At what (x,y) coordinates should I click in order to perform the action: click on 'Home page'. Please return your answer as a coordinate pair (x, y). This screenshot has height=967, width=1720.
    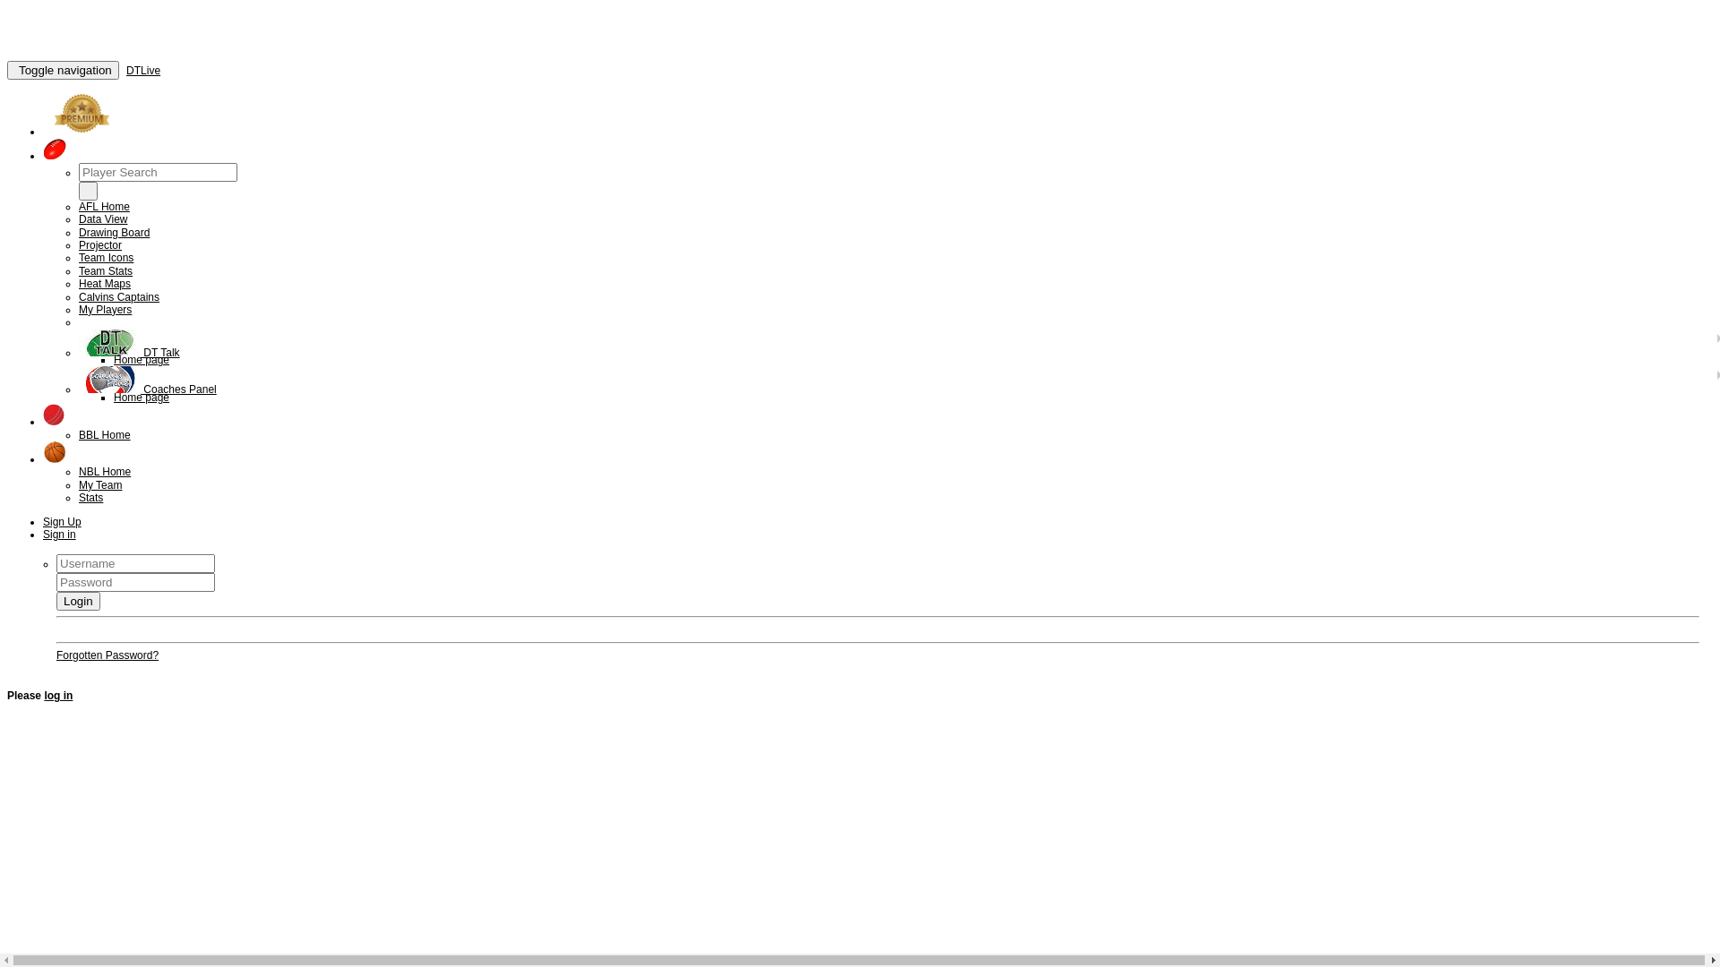
    Looking at the image, I should click on (141, 396).